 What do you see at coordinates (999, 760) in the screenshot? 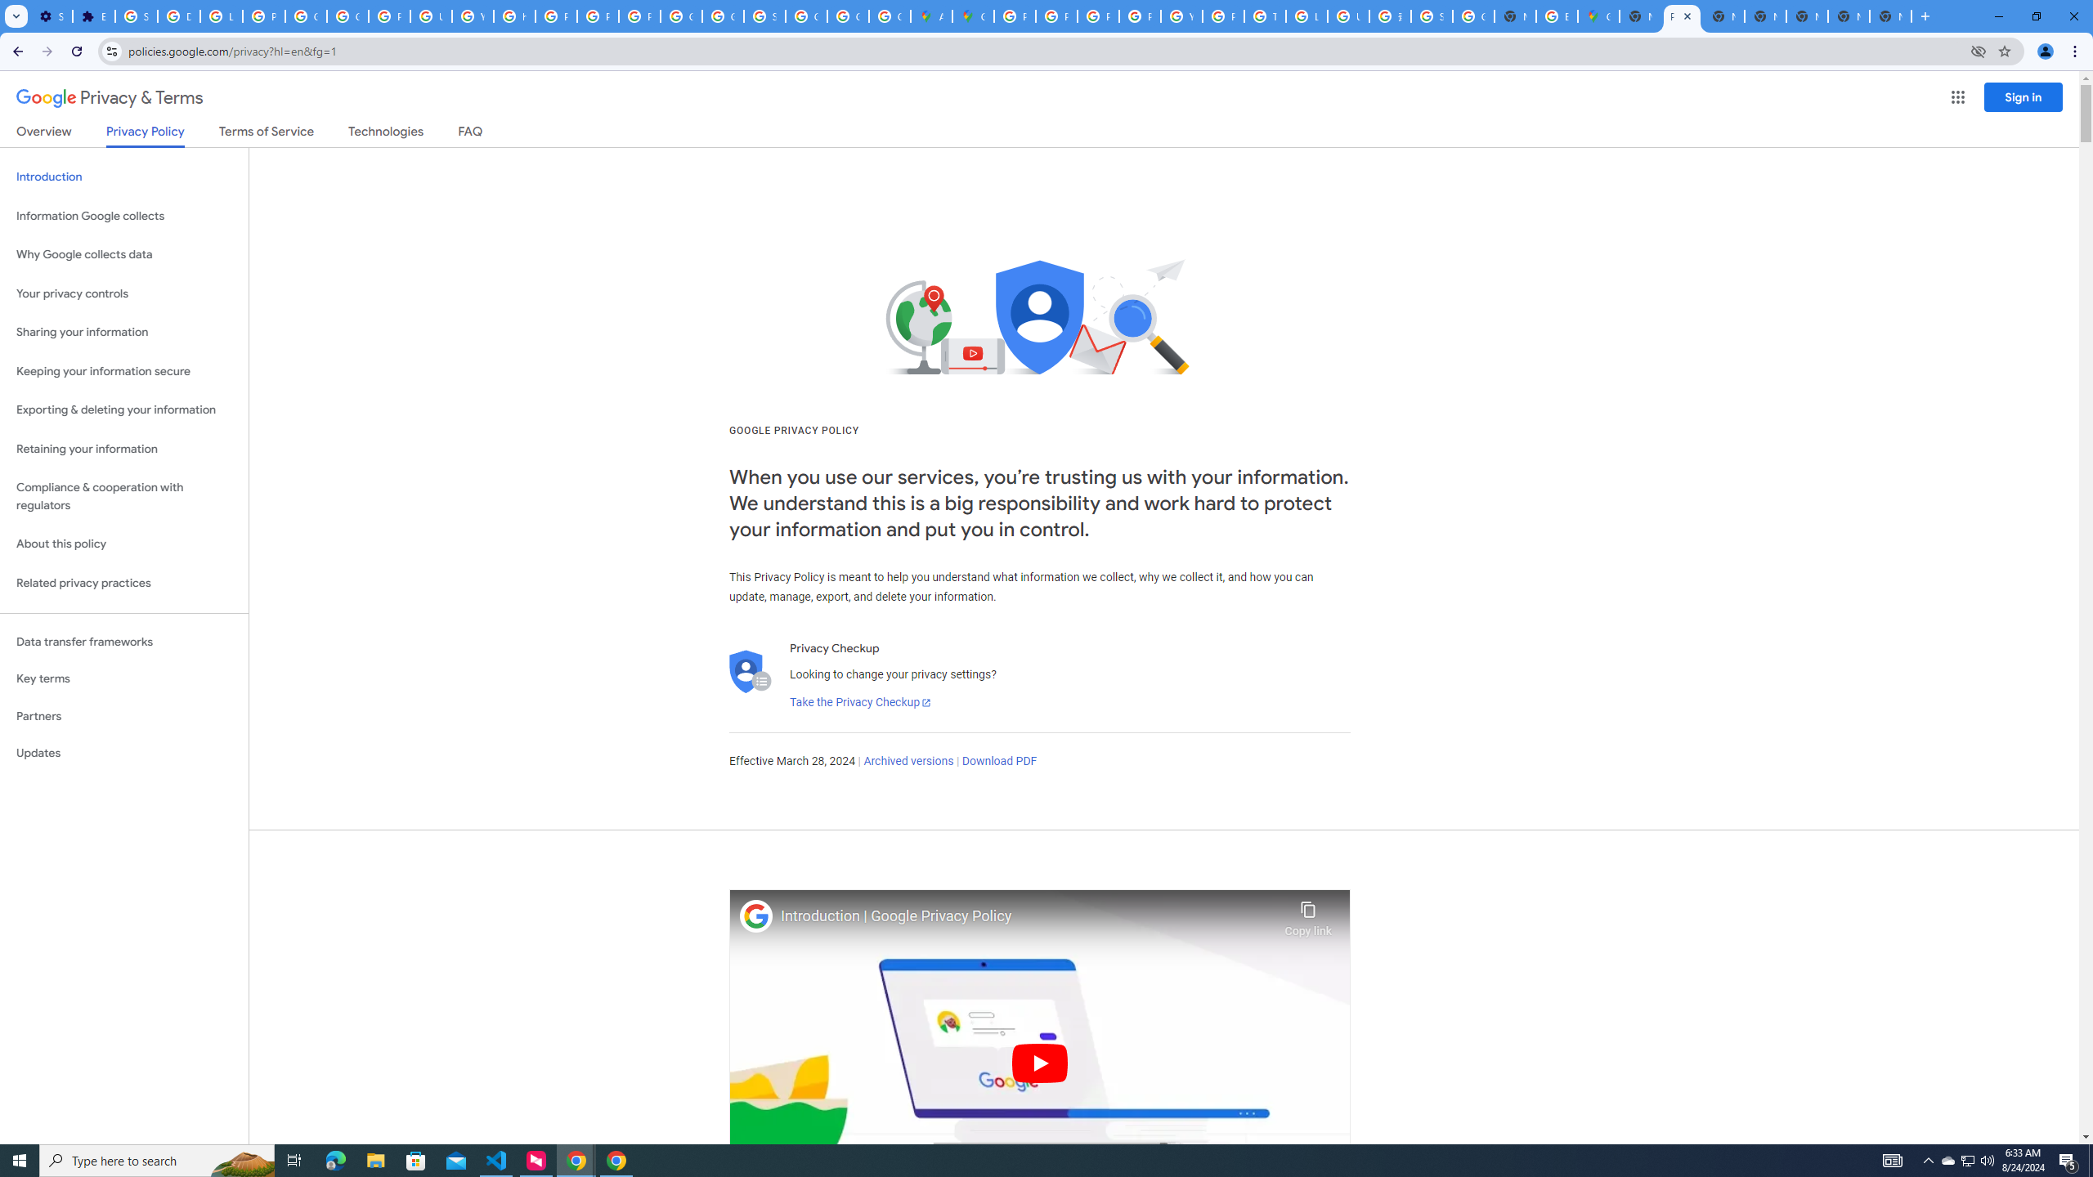
I see `'Download PDF'` at bounding box center [999, 760].